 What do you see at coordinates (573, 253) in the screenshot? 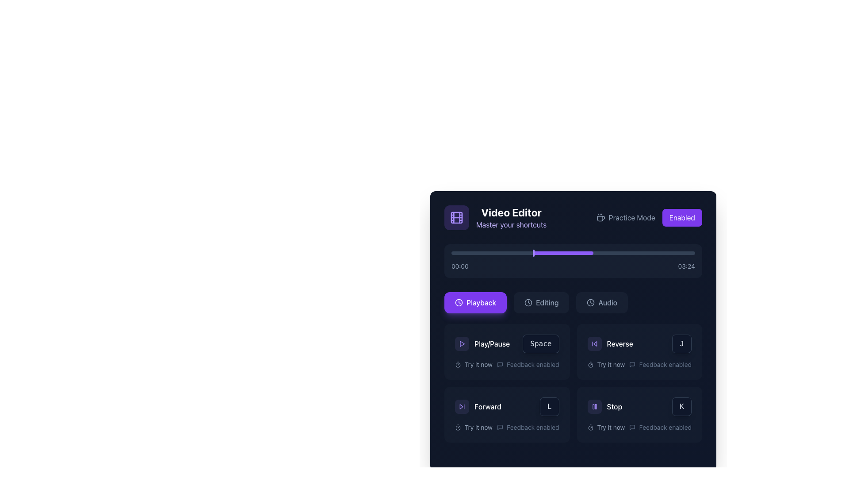
I see `the horizontal progress bar located below the 'Video Editor' title and options like 'Practice Mode', which features a dark gray background and a violet progress section` at bounding box center [573, 253].